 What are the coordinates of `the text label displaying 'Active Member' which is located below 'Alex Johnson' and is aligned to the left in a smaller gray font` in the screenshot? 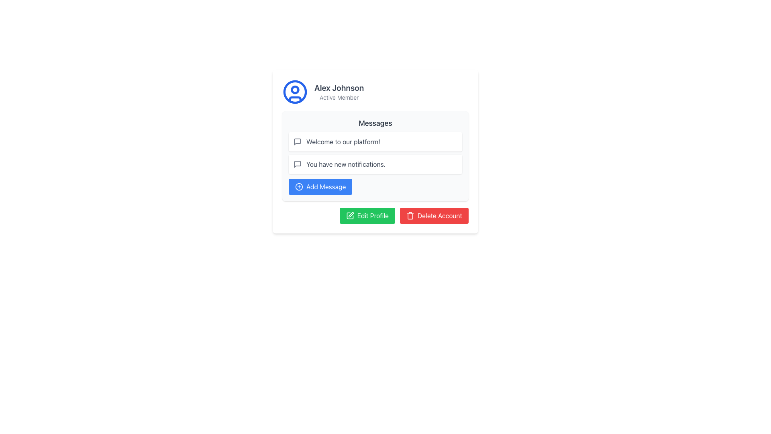 It's located at (339, 97).